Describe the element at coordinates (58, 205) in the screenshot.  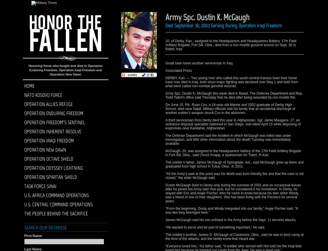
I see `'U.S. Central Command operations'` at that location.